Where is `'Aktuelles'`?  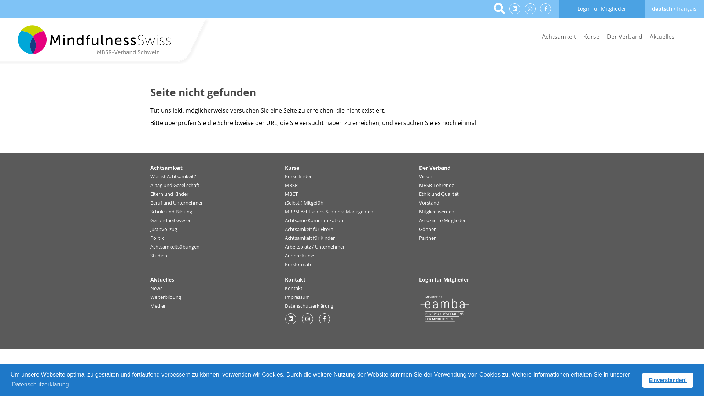 'Aktuelles' is located at coordinates (662, 37).